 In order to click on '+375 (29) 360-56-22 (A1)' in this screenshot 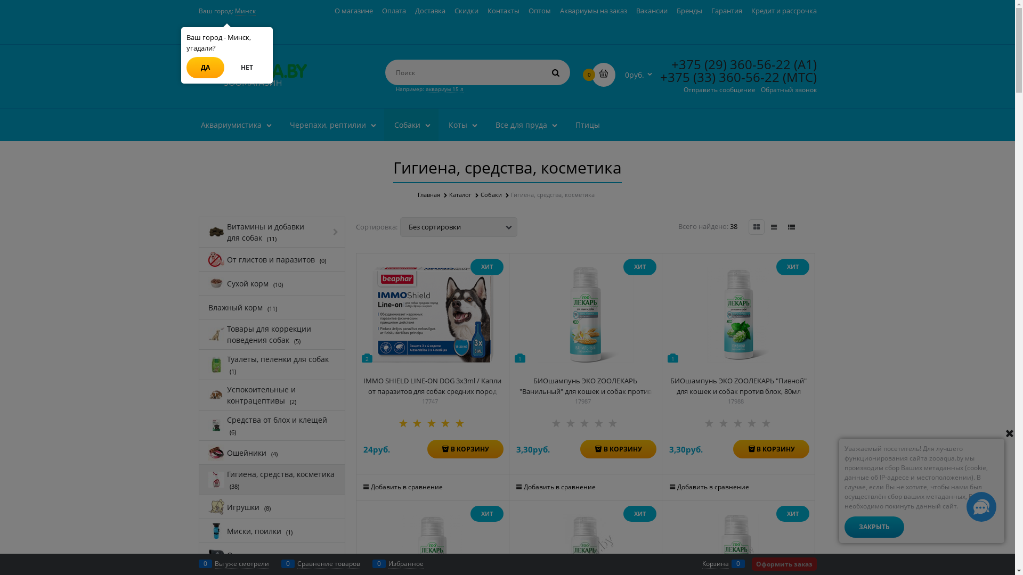, I will do `click(670, 64)`.